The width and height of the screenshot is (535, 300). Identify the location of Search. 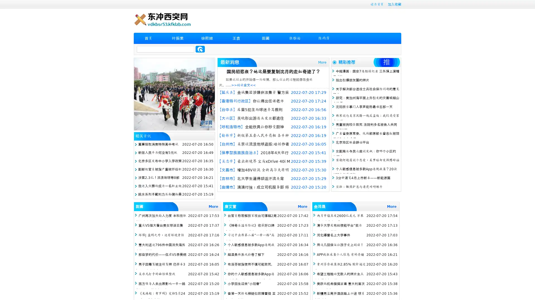
(200, 49).